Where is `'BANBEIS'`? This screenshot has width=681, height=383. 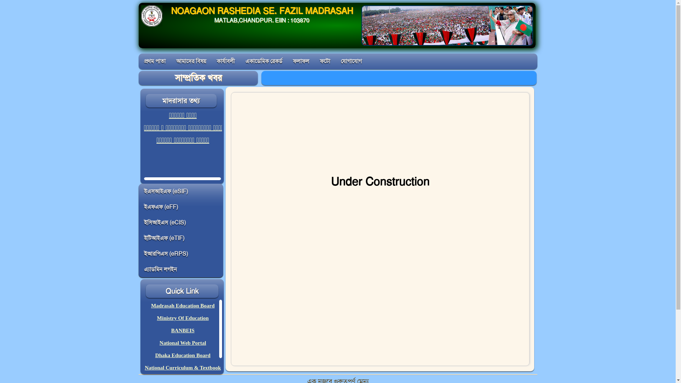
'BANBEIS' is located at coordinates (183, 331).